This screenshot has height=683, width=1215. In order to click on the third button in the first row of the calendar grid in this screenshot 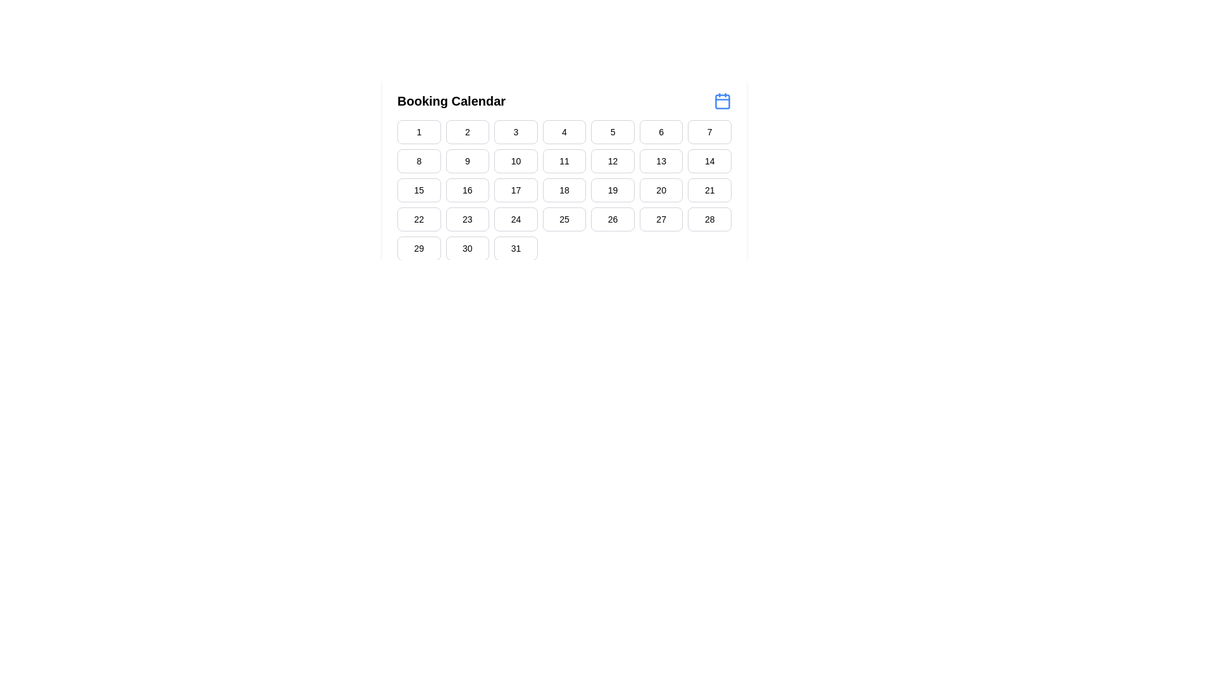, I will do `click(516, 132)`.